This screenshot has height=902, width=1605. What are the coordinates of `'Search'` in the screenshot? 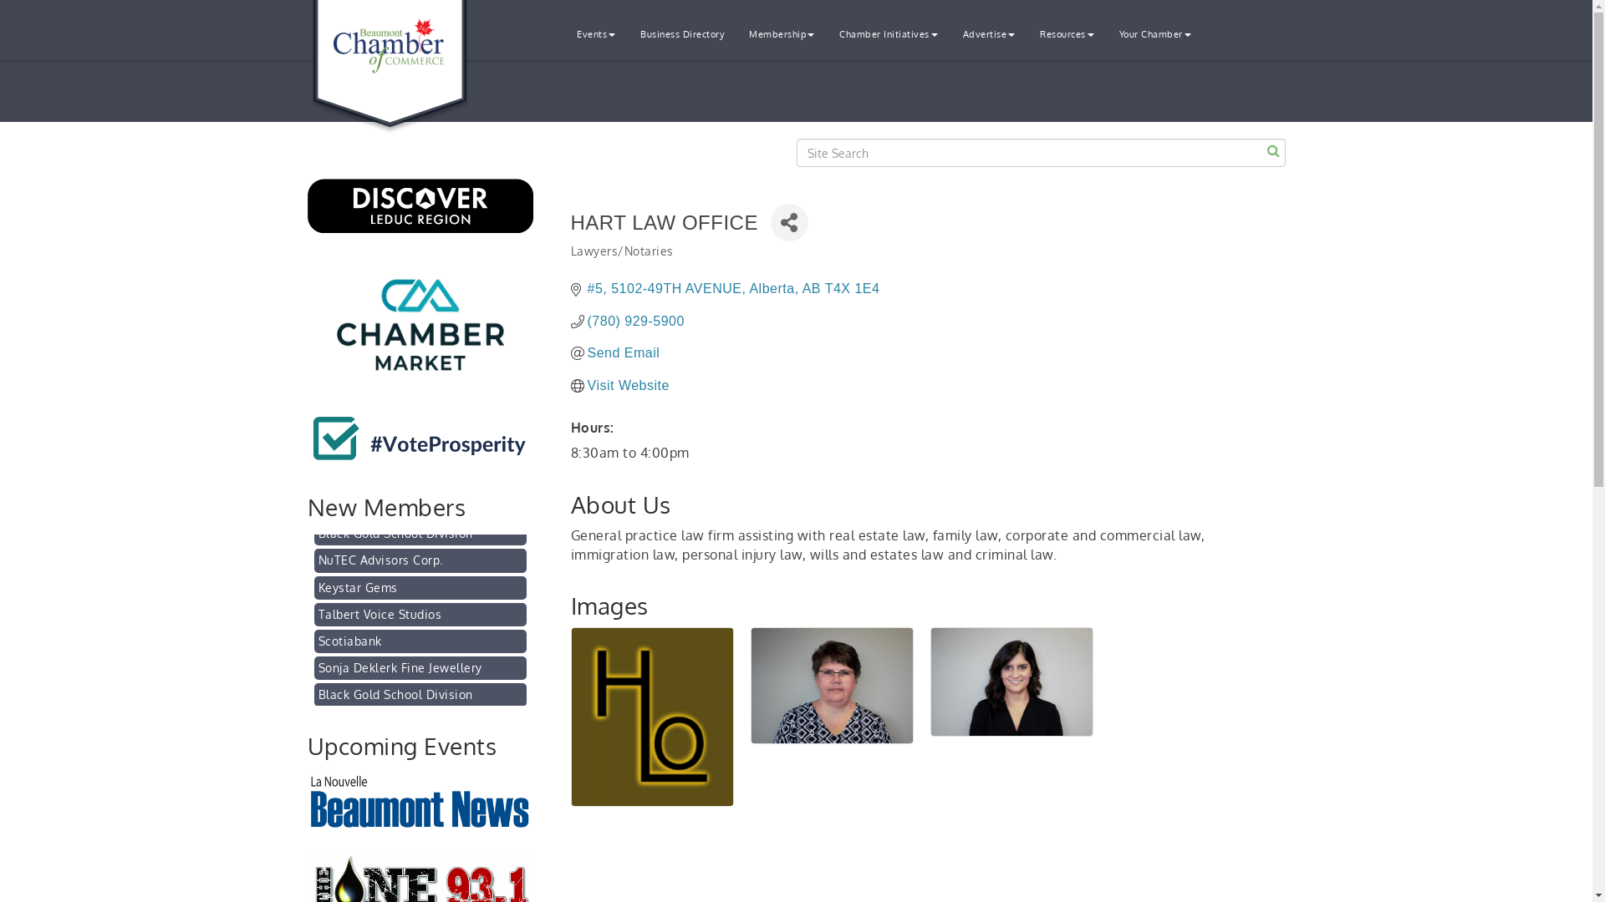 It's located at (1272, 150).